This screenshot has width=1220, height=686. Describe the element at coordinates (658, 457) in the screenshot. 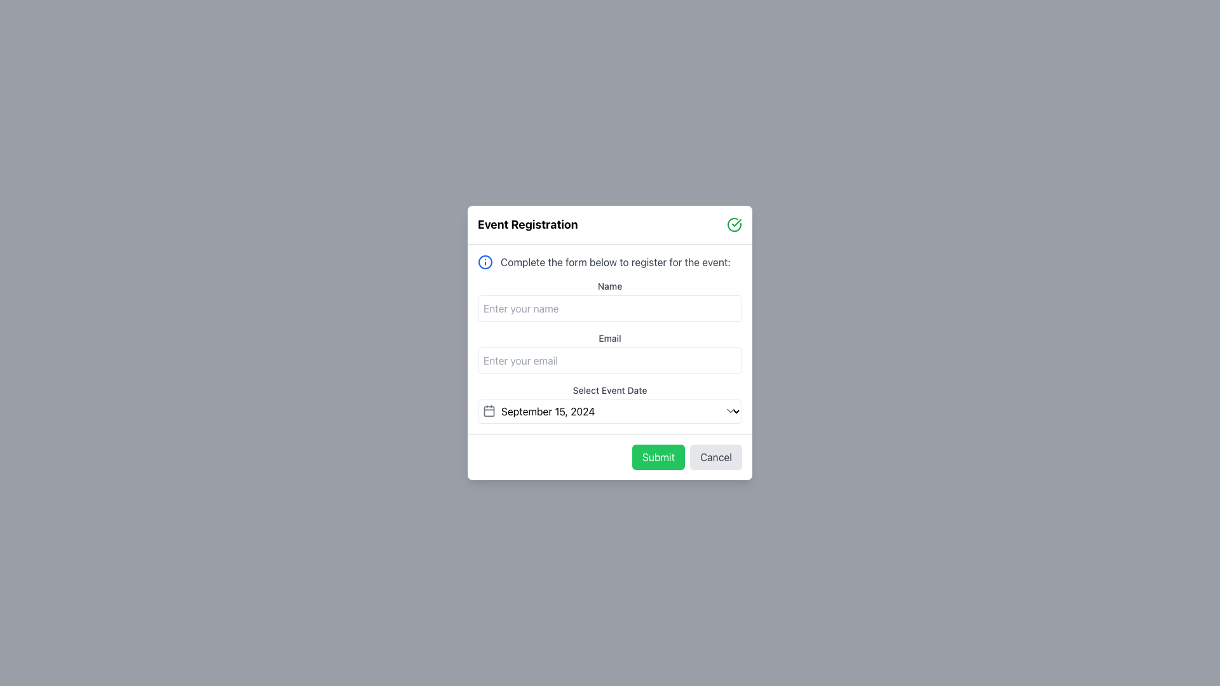

I see `the green rectangular 'Submit' button with rounded corners` at that location.